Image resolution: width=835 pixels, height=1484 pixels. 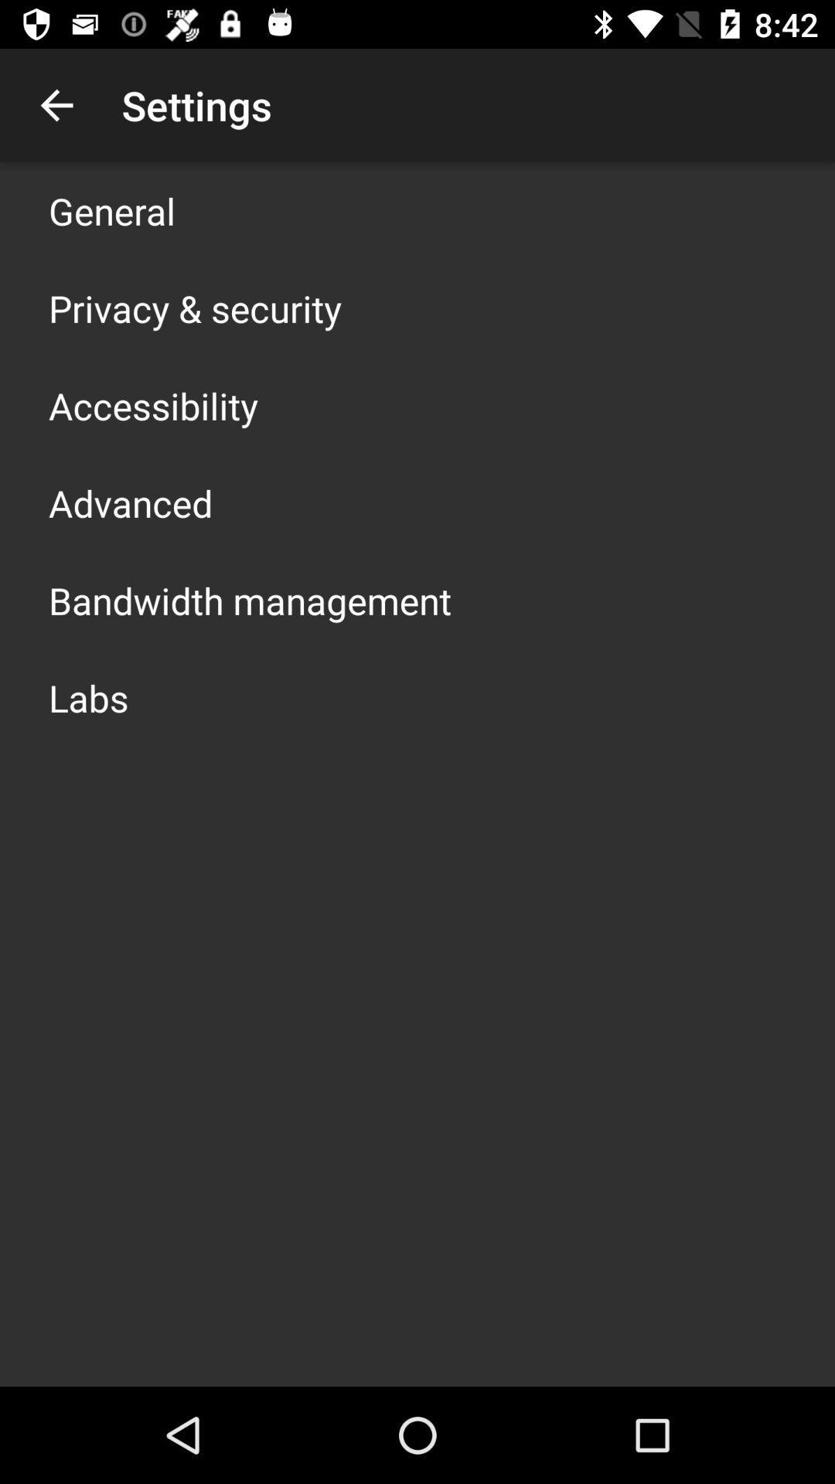 What do you see at coordinates (56, 104) in the screenshot?
I see `the icon to the left of the settings app` at bounding box center [56, 104].